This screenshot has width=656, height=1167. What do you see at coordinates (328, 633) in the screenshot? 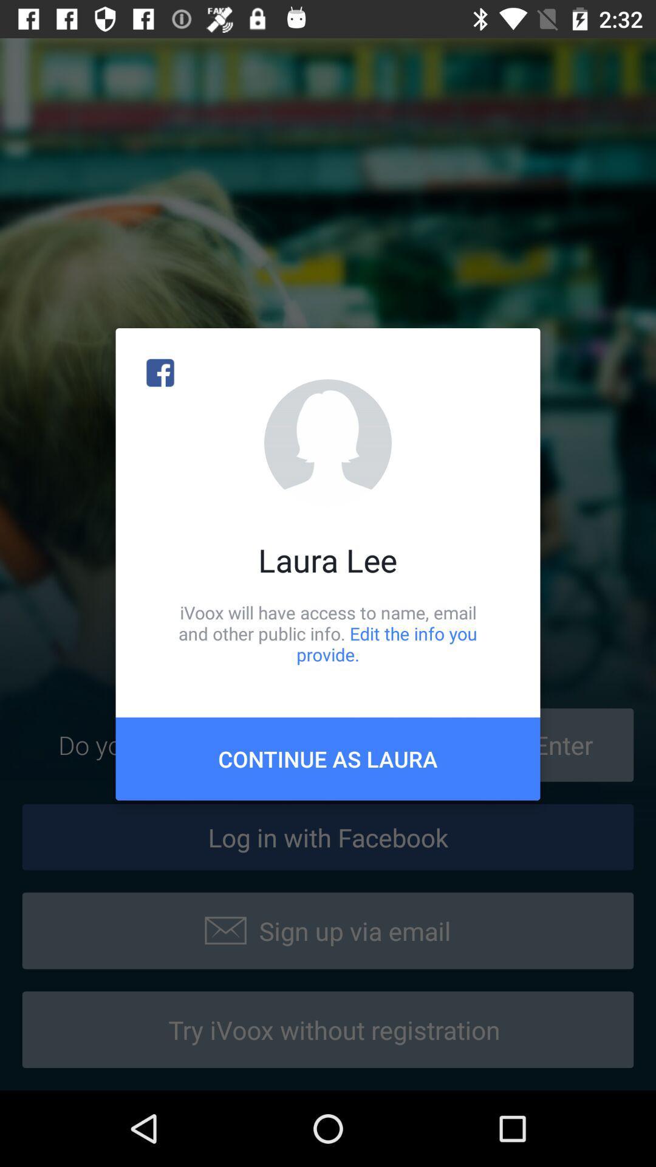
I see `icon below the laura lee item` at bounding box center [328, 633].